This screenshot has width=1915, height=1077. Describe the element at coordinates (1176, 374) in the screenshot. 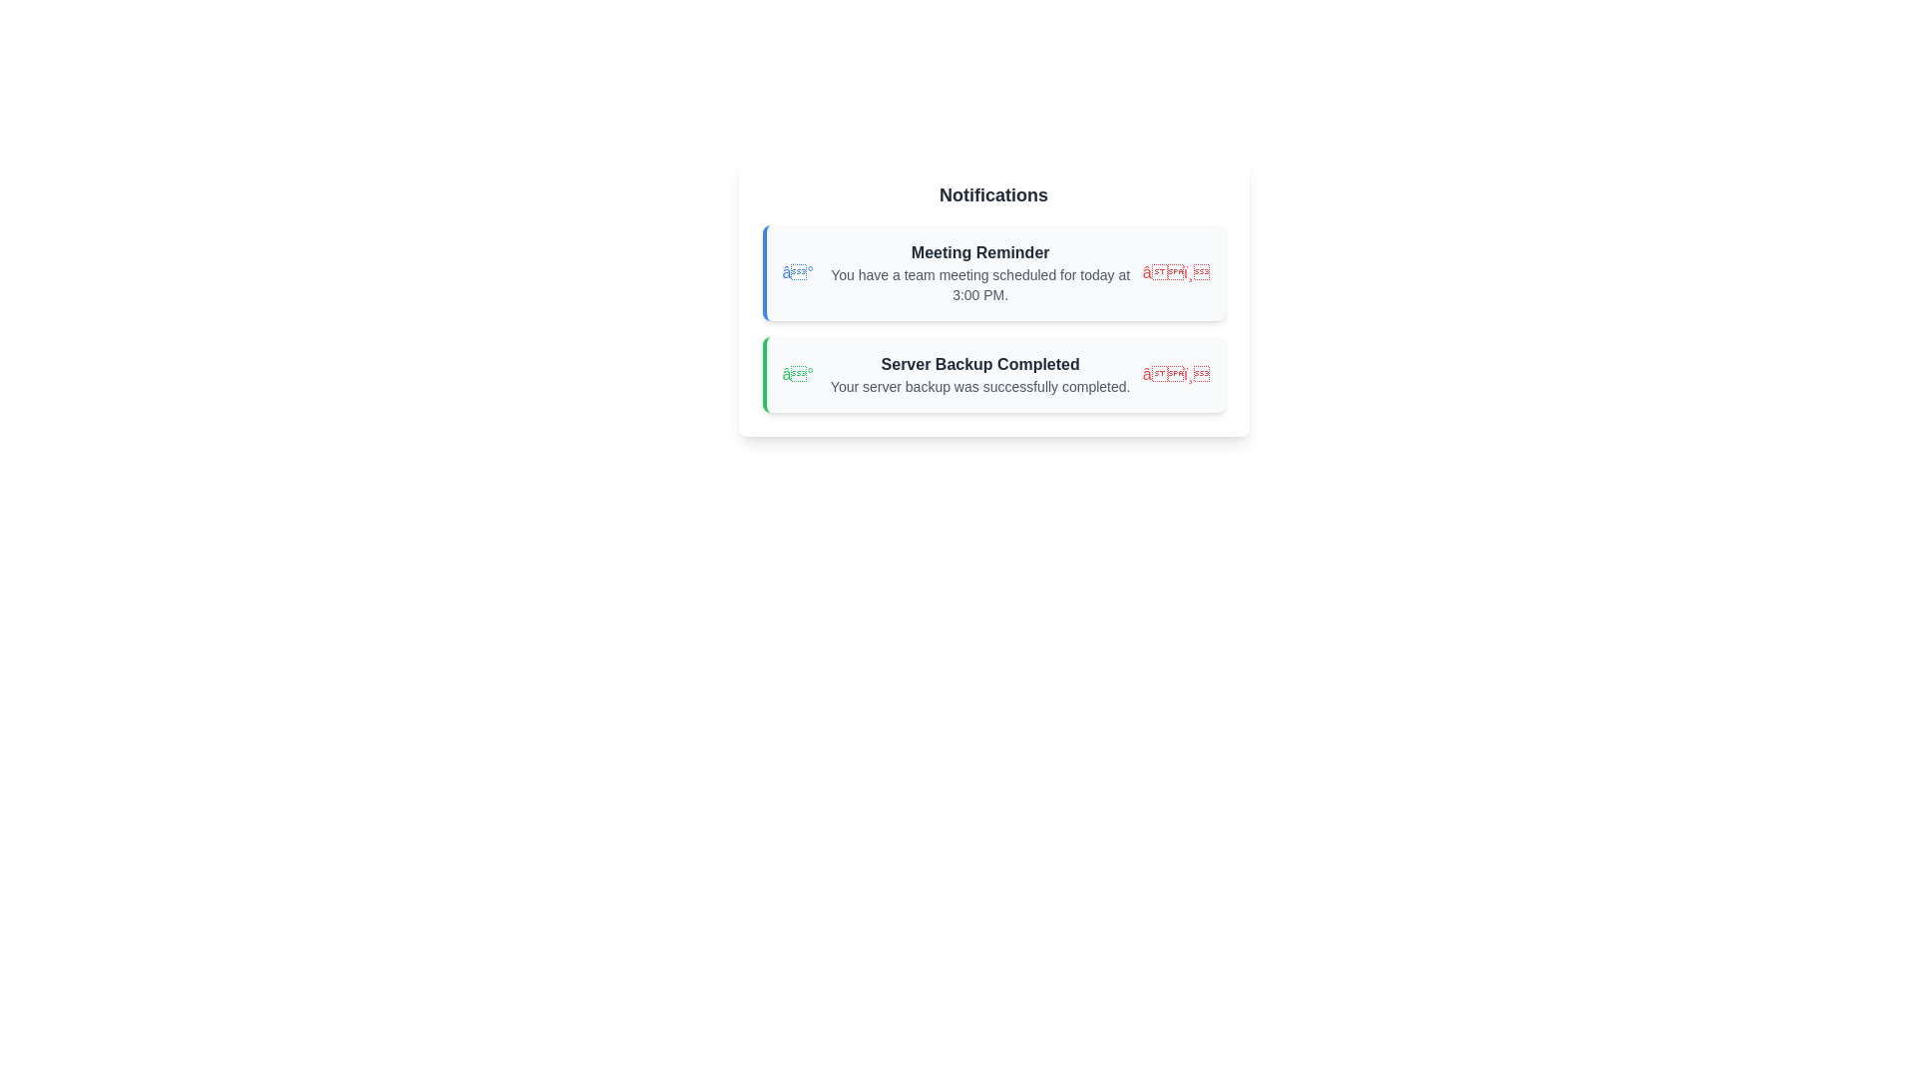

I see `the red close button ('✖') located at the far-right side of the 'Server Backup Completed' notification to observe hover effects` at that location.